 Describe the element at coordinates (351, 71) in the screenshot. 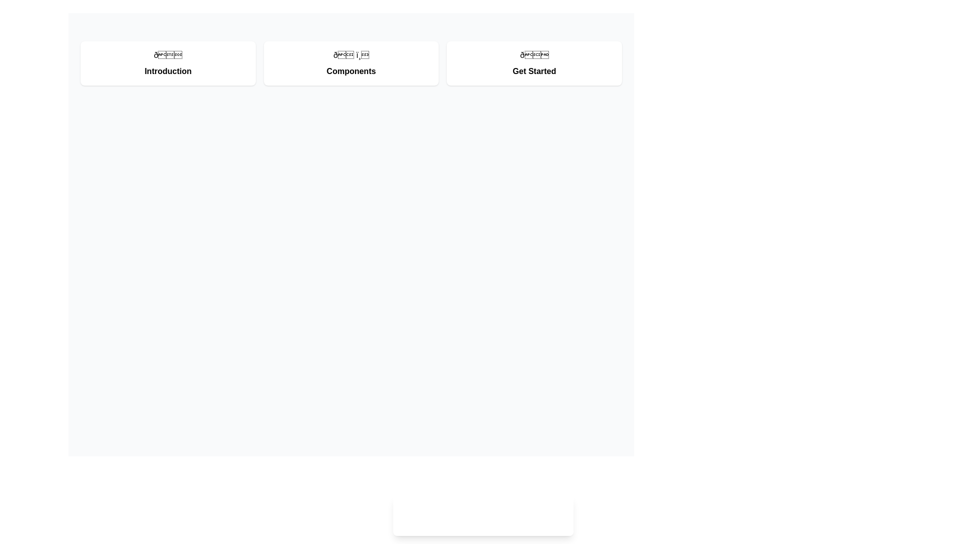

I see `the bold text label containing the word 'Components', which is positioned centrally at the bottom of the second card from the left` at that location.